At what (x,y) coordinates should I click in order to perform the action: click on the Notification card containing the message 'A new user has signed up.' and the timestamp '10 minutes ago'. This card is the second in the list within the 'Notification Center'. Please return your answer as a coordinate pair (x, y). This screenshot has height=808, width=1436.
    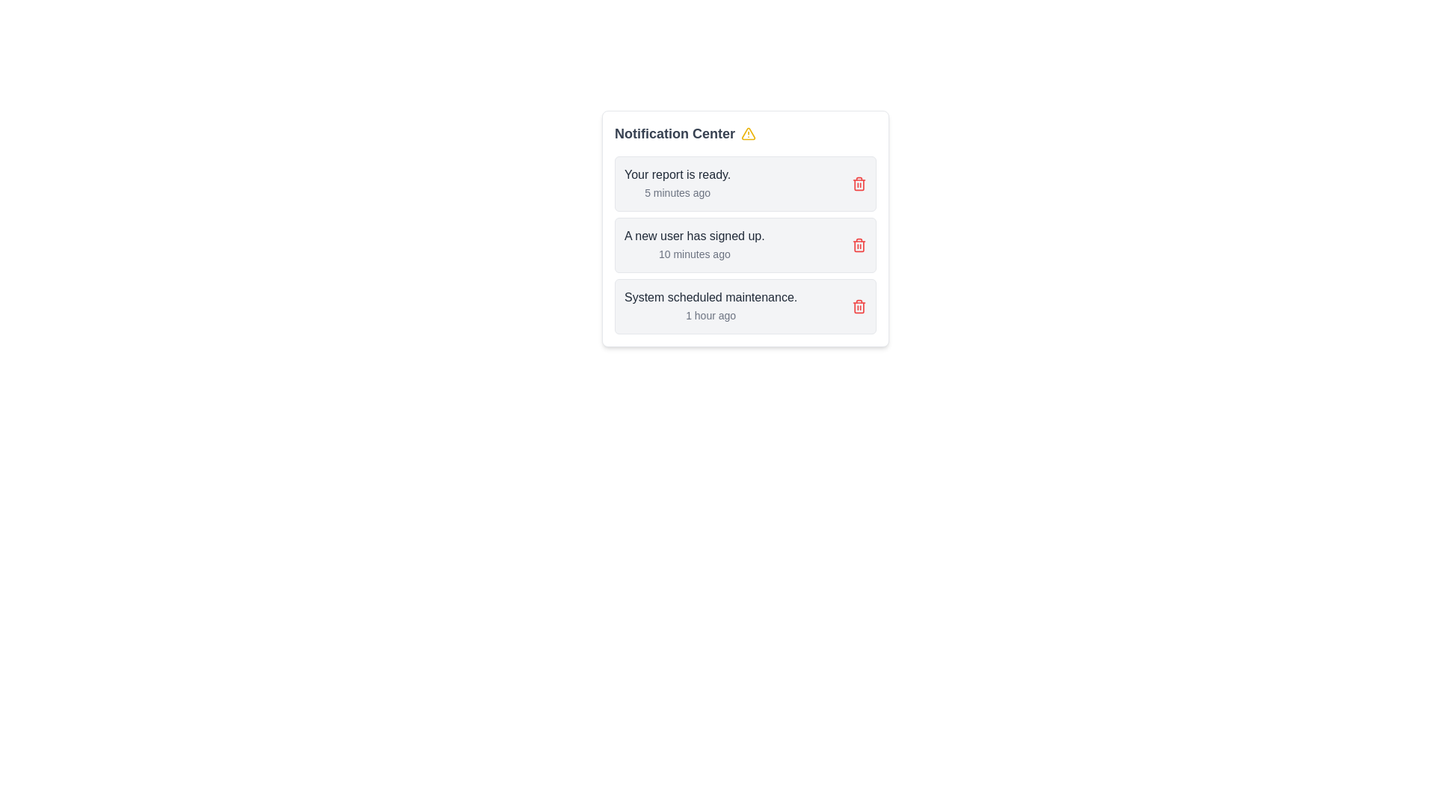
    Looking at the image, I should click on (746, 244).